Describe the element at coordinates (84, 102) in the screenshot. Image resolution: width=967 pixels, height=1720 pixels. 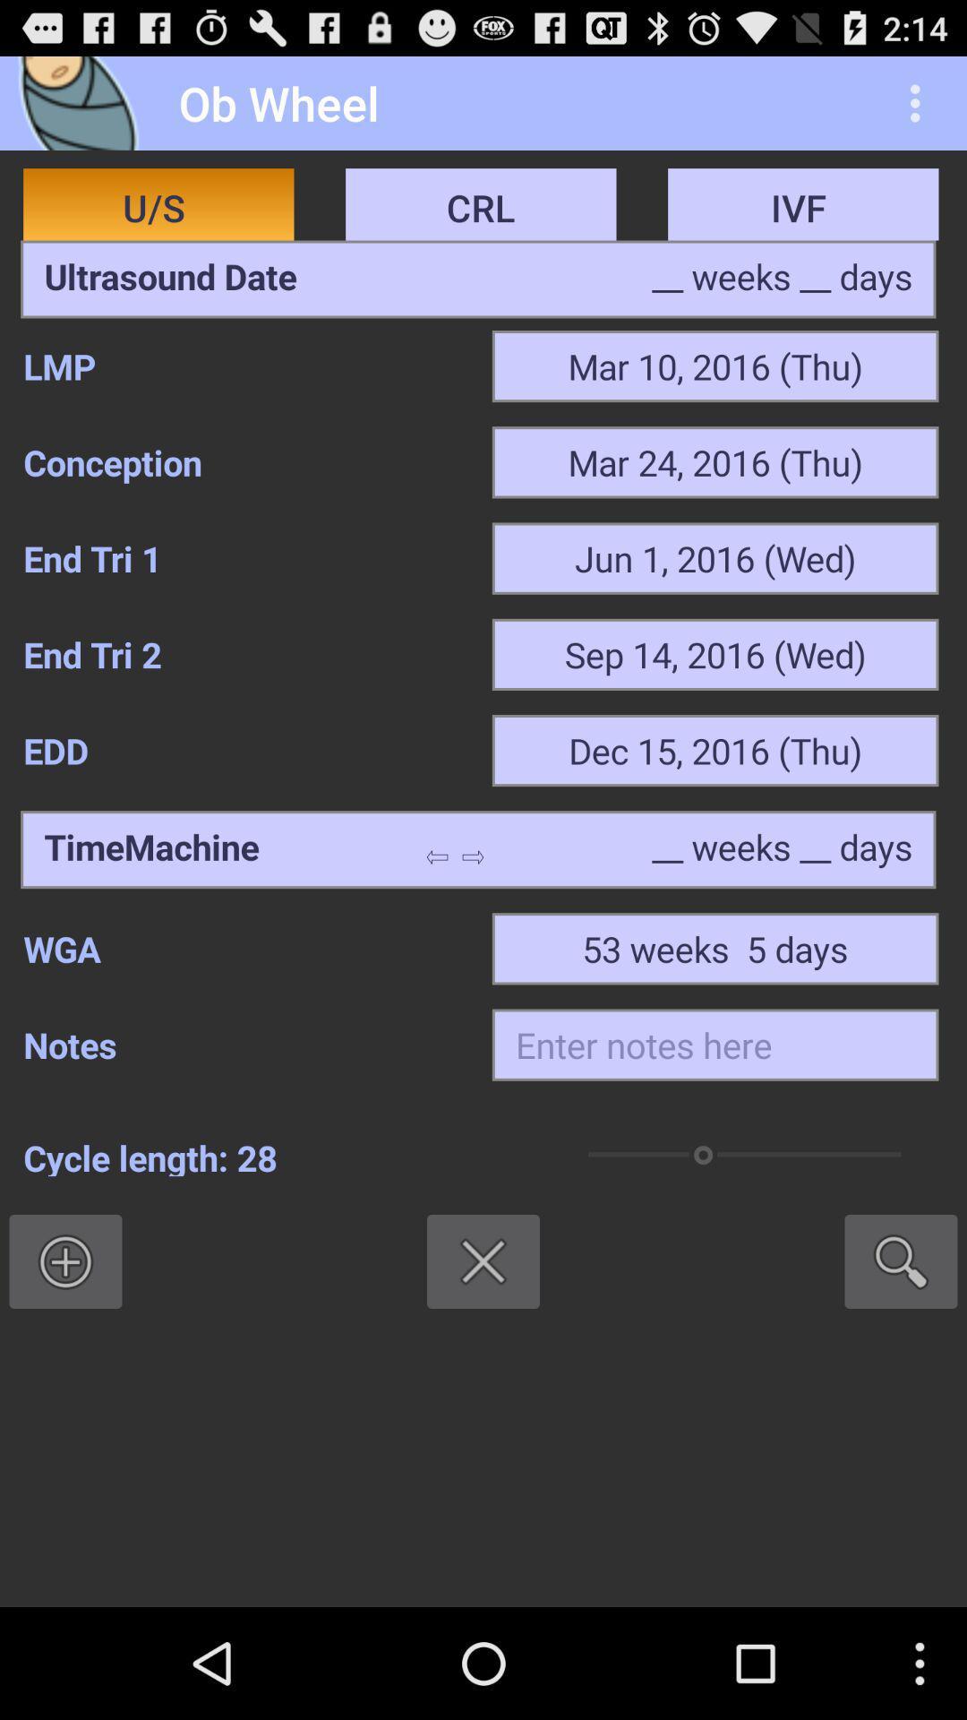
I see `app next to the ob wheel item` at that location.